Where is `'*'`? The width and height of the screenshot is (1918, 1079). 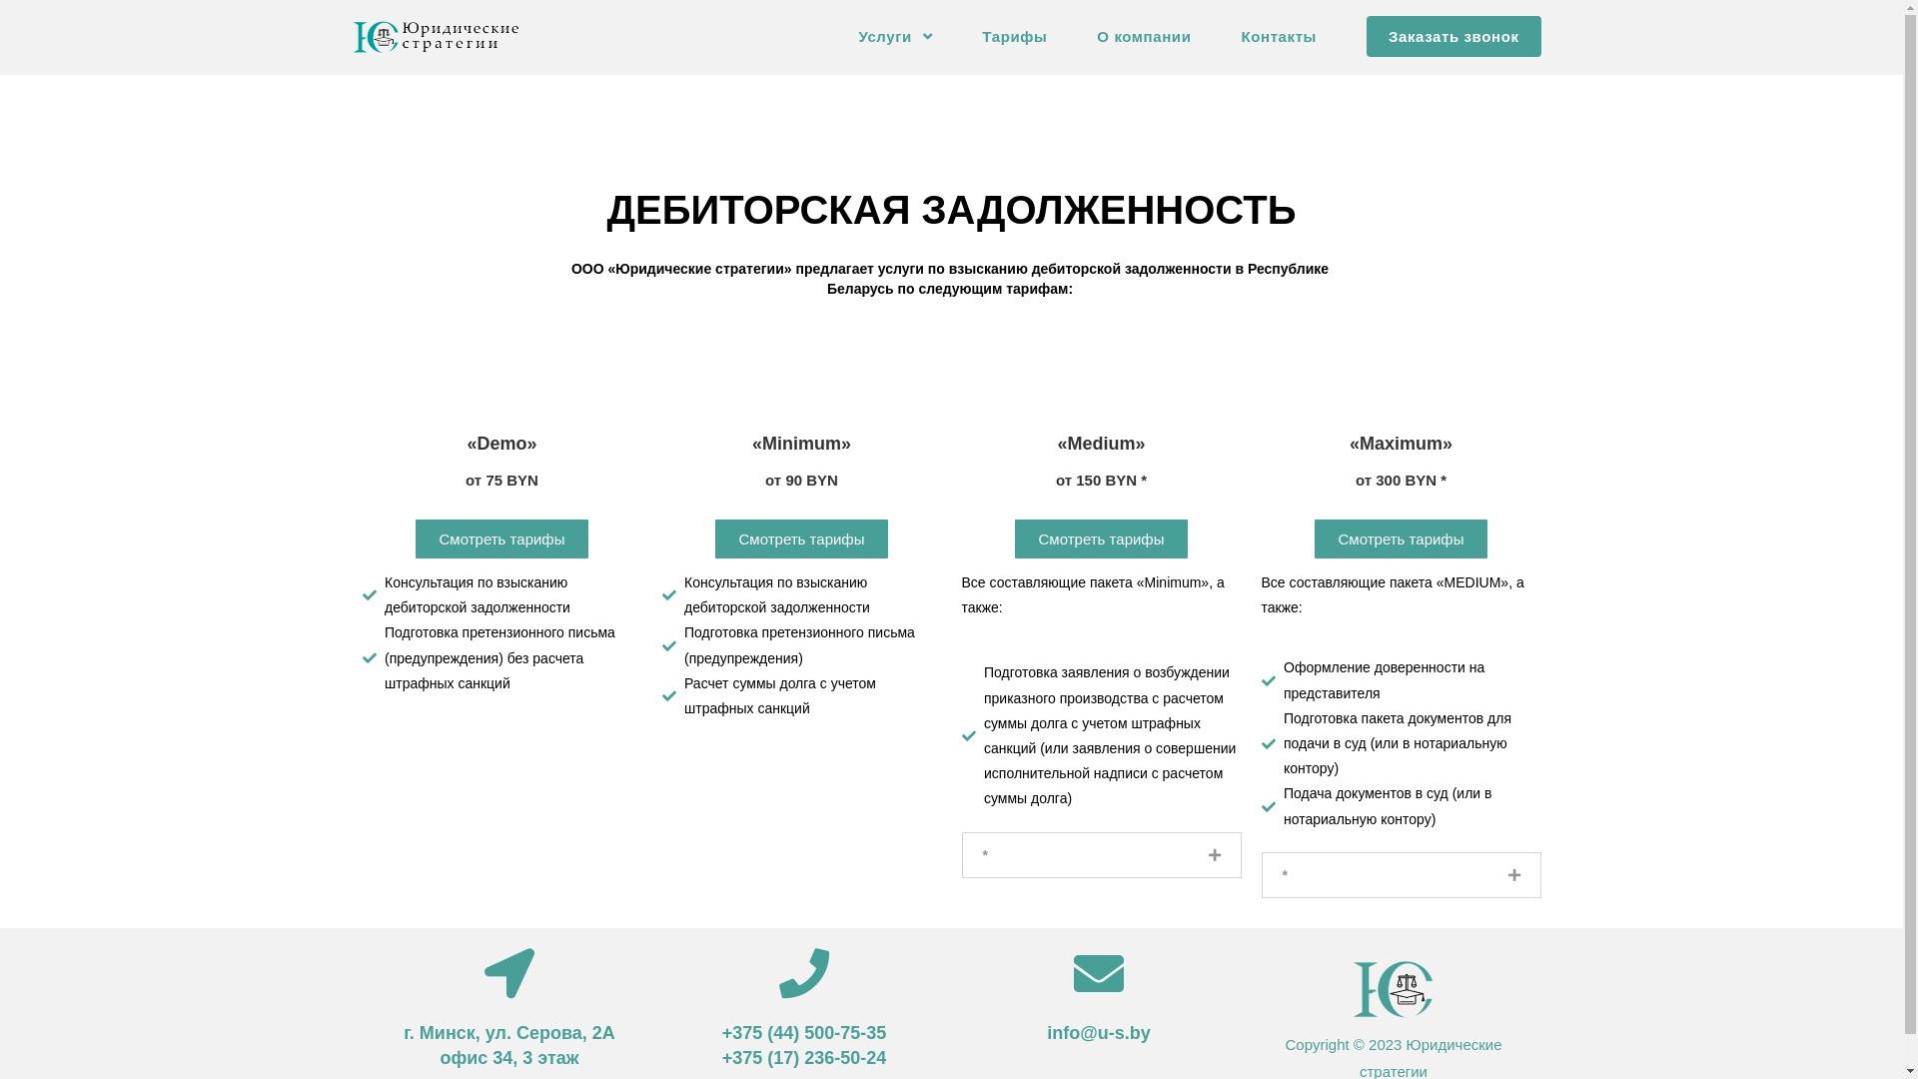
'*' is located at coordinates (985, 854).